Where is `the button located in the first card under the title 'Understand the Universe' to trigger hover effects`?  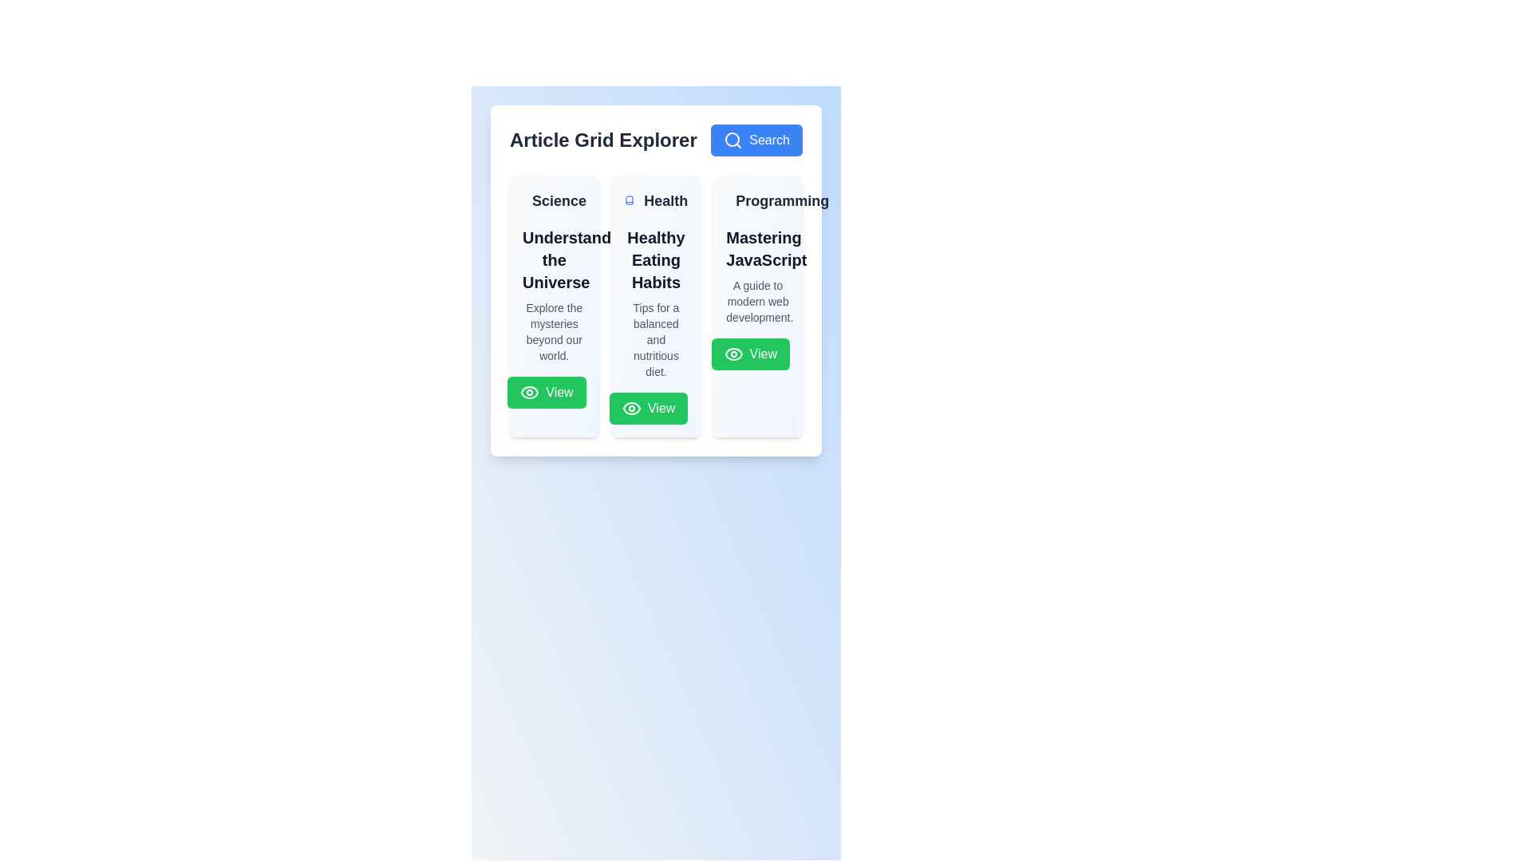 the button located in the first card under the title 'Understand the Universe' to trigger hover effects is located at coordinates (547, 393).